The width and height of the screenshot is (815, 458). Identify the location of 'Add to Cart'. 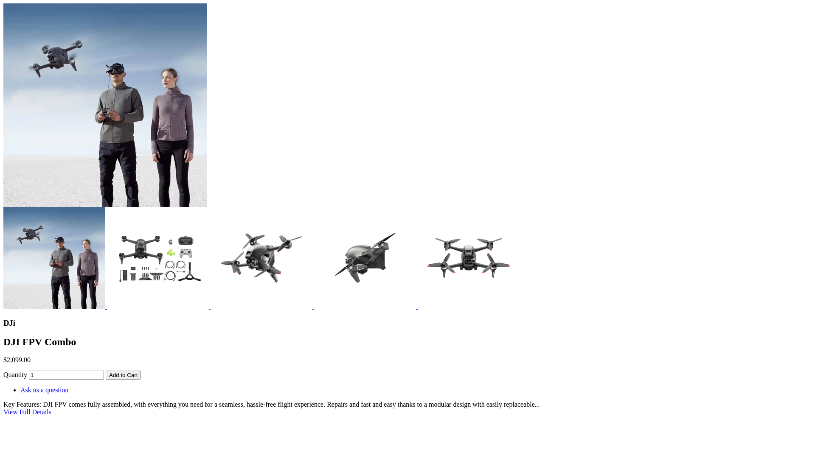
(123, 374).